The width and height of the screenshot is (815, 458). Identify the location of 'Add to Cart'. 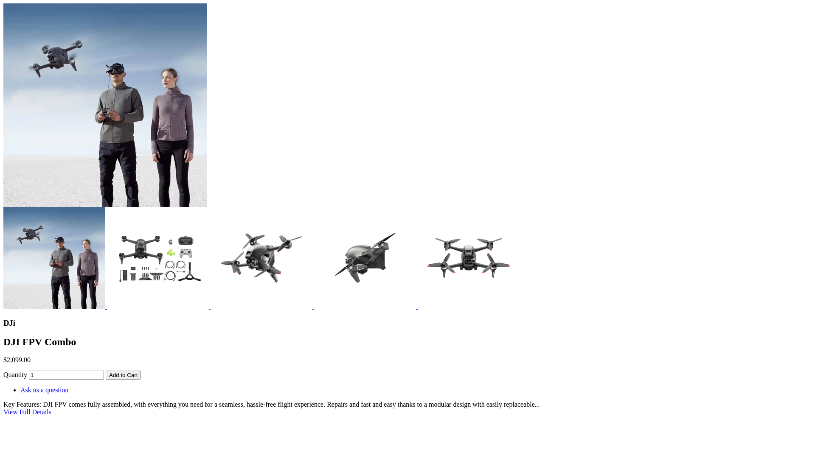
(123, 374).